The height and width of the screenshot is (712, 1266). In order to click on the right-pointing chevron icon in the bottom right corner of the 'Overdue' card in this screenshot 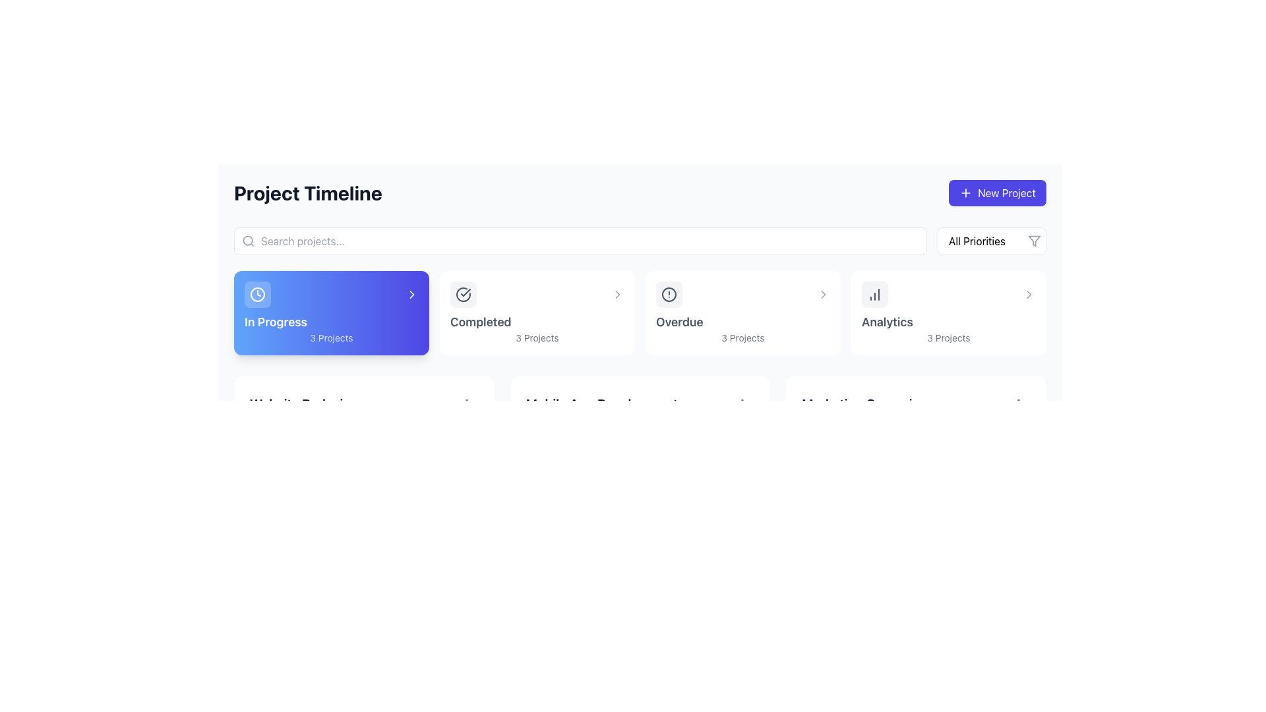, I will do `click(822, 294)`.